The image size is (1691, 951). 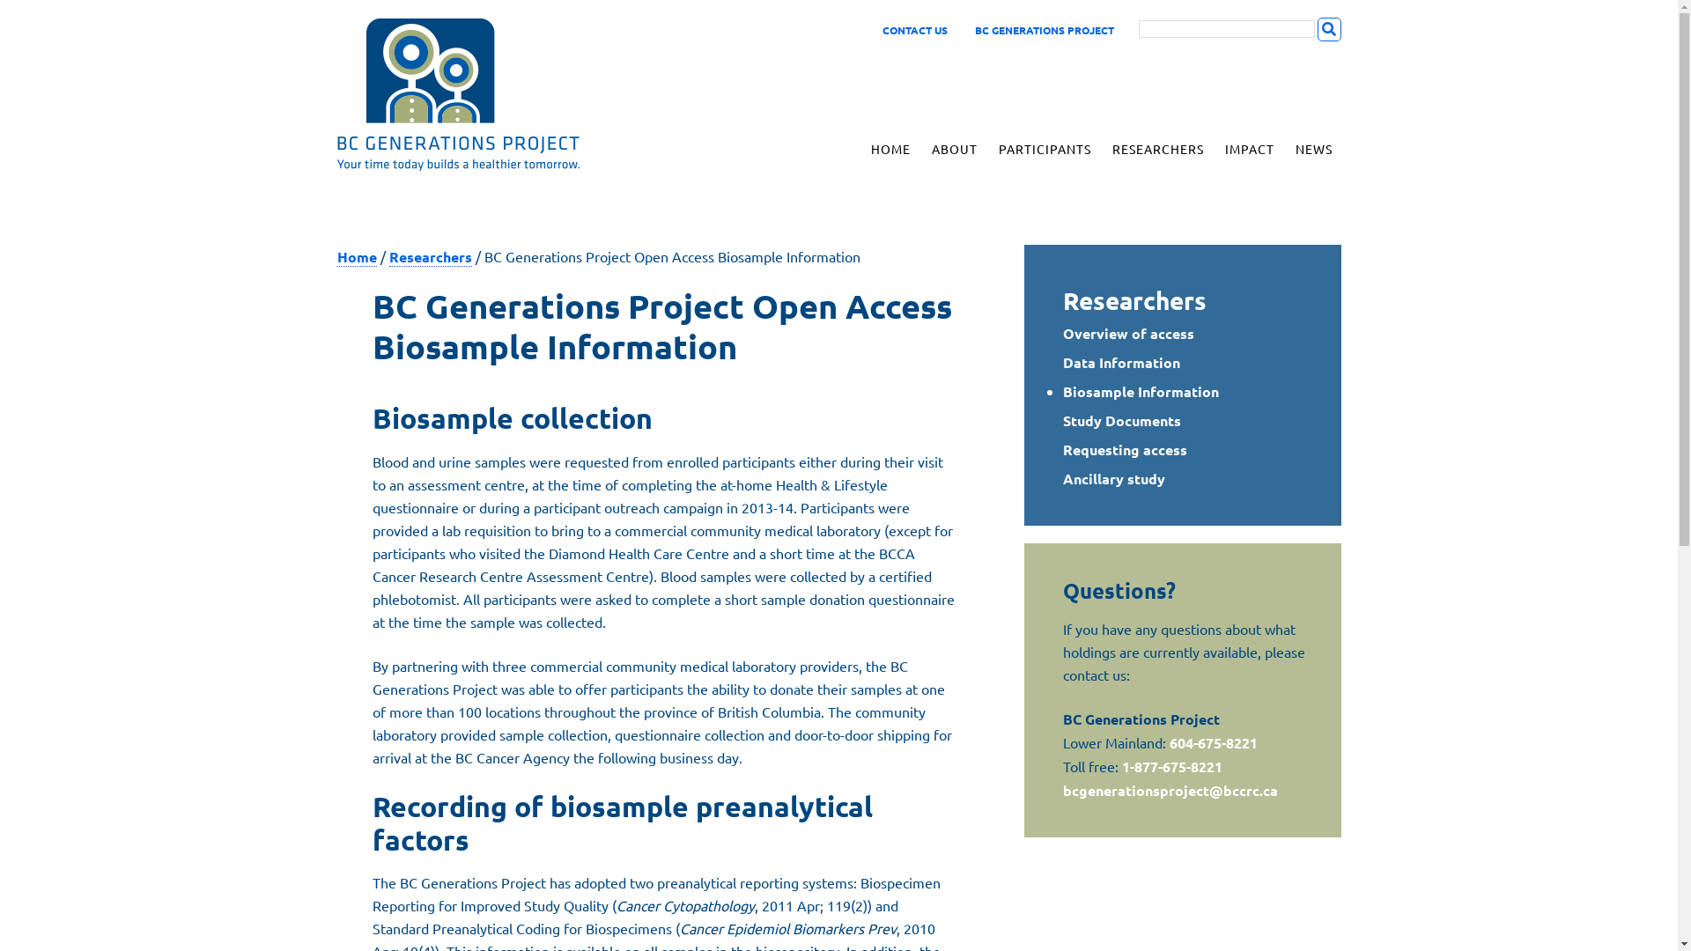 What do you see at coordinates (1134, 299) in the screenshot?
I see `'Researchers'` at bounding box center [1134, 299].